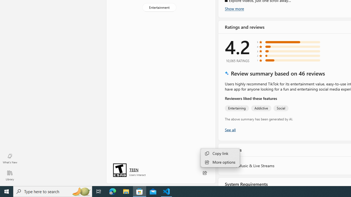 This screenshot has width=351, height=197. What do you see at coordinates (204, 173) in the screenshot?
I see `'Share'` at bounding box center [204, 173].